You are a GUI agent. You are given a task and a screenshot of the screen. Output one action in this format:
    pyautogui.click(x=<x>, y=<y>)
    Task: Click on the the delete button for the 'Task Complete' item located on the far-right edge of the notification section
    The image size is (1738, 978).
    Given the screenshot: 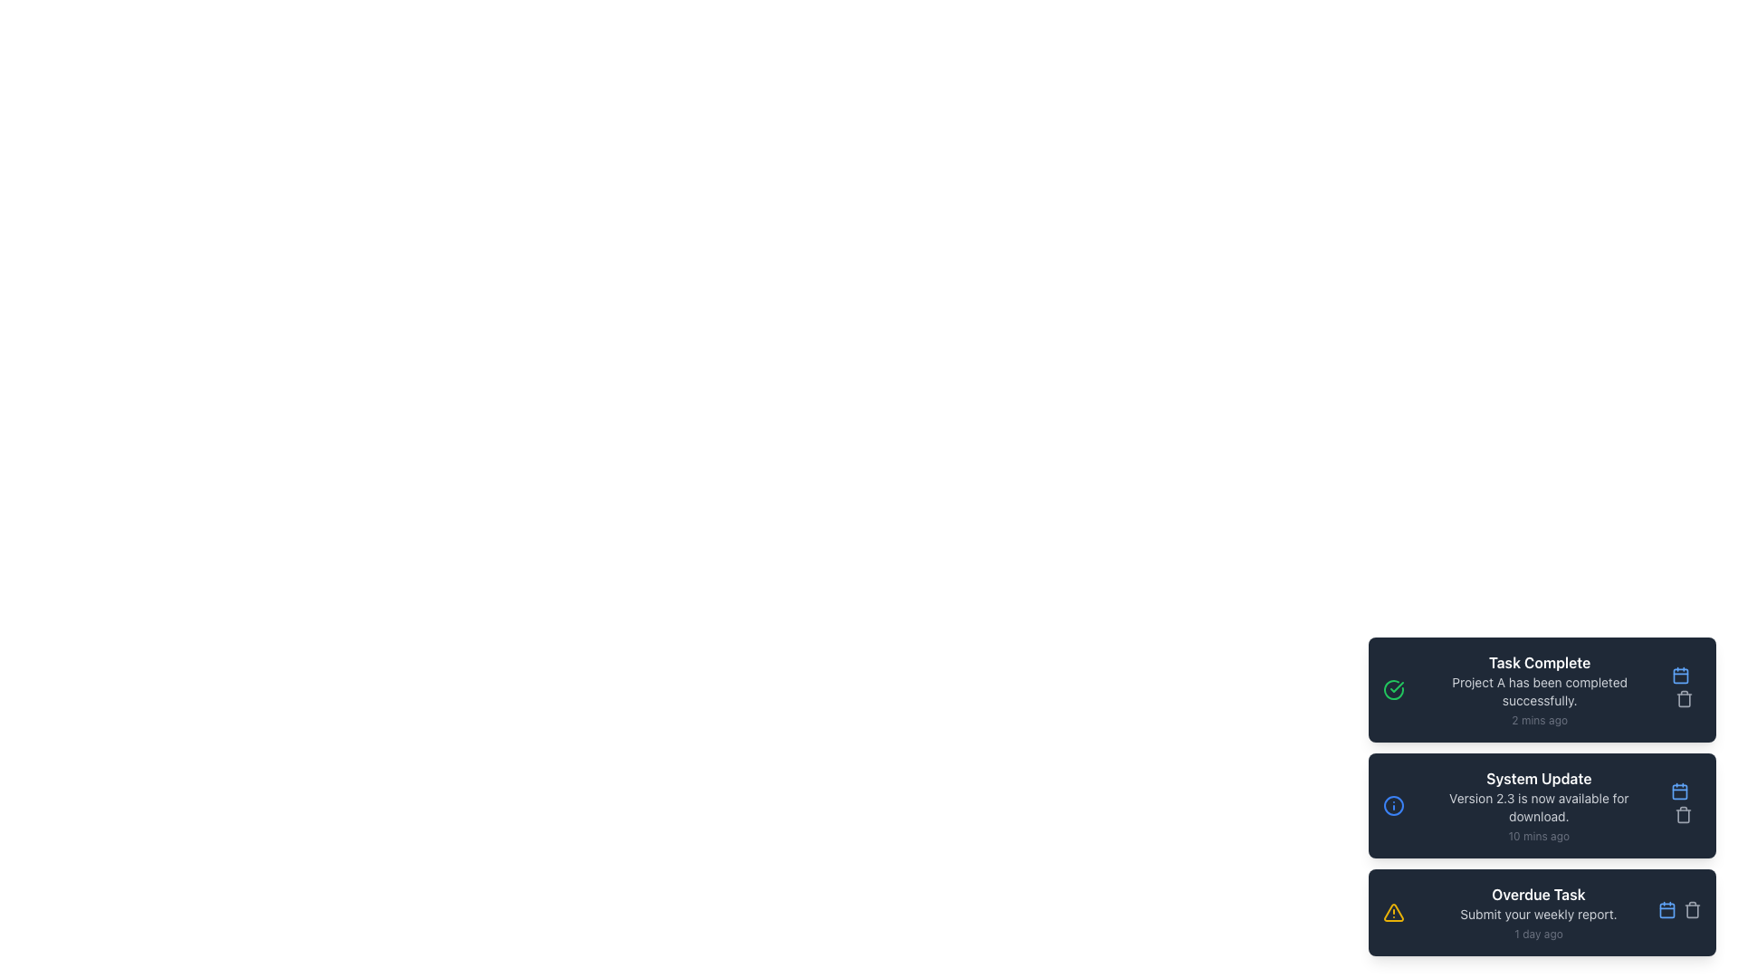 What is the action you would take?
    pyautogui.click(x=1684, y=699)
    